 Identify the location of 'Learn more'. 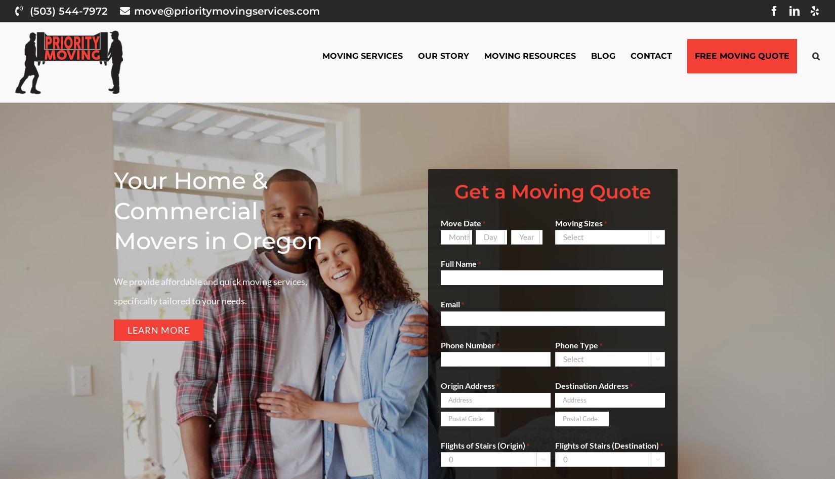
(158, 330).